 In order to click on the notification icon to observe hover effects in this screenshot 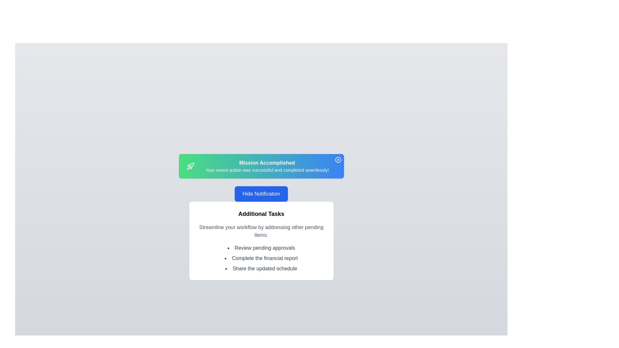, I will do `click(338, 159)`.